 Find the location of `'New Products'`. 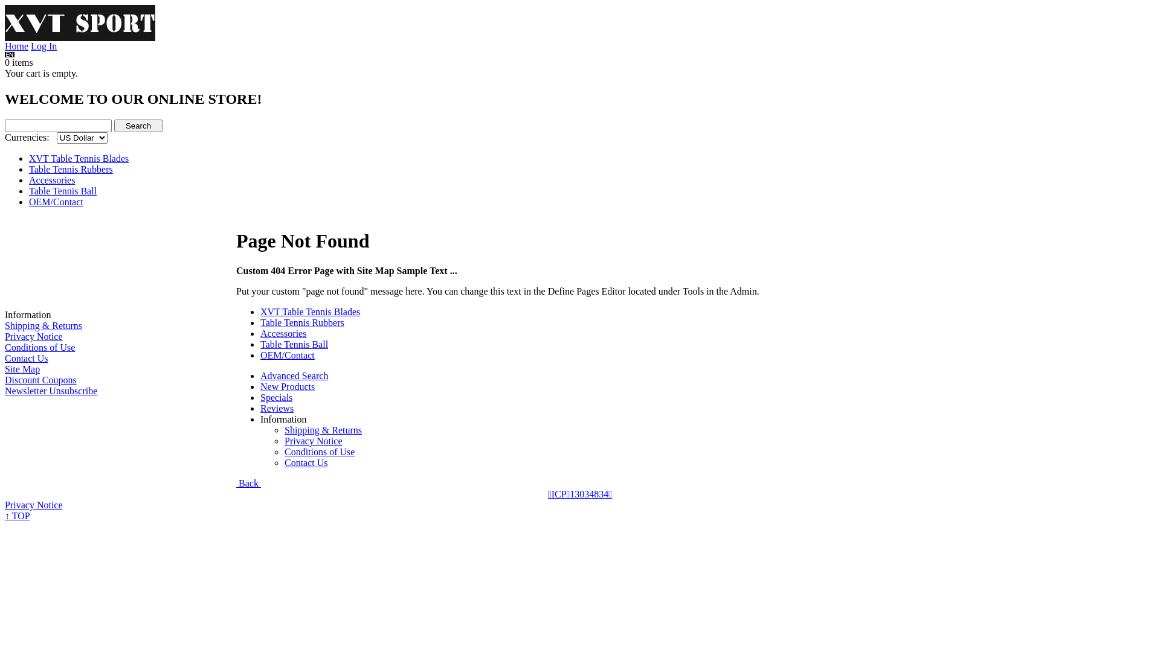

'New Products' is located at coordinates (286, 386).